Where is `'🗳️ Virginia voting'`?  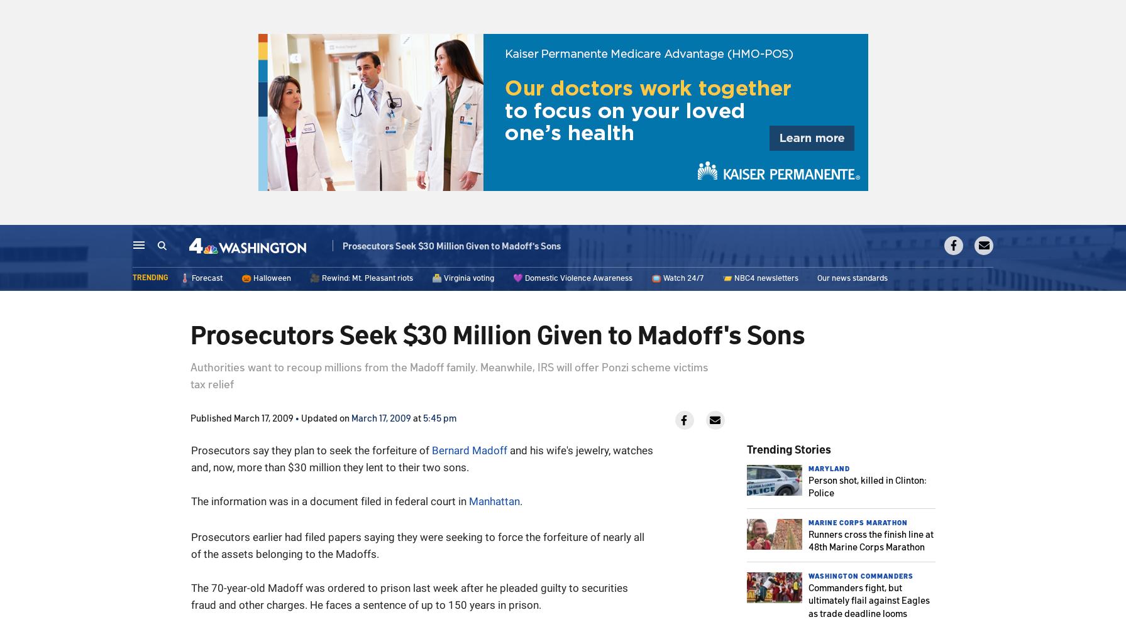 '🗳️ Virginia voting' is located at coordinates (432, 278).